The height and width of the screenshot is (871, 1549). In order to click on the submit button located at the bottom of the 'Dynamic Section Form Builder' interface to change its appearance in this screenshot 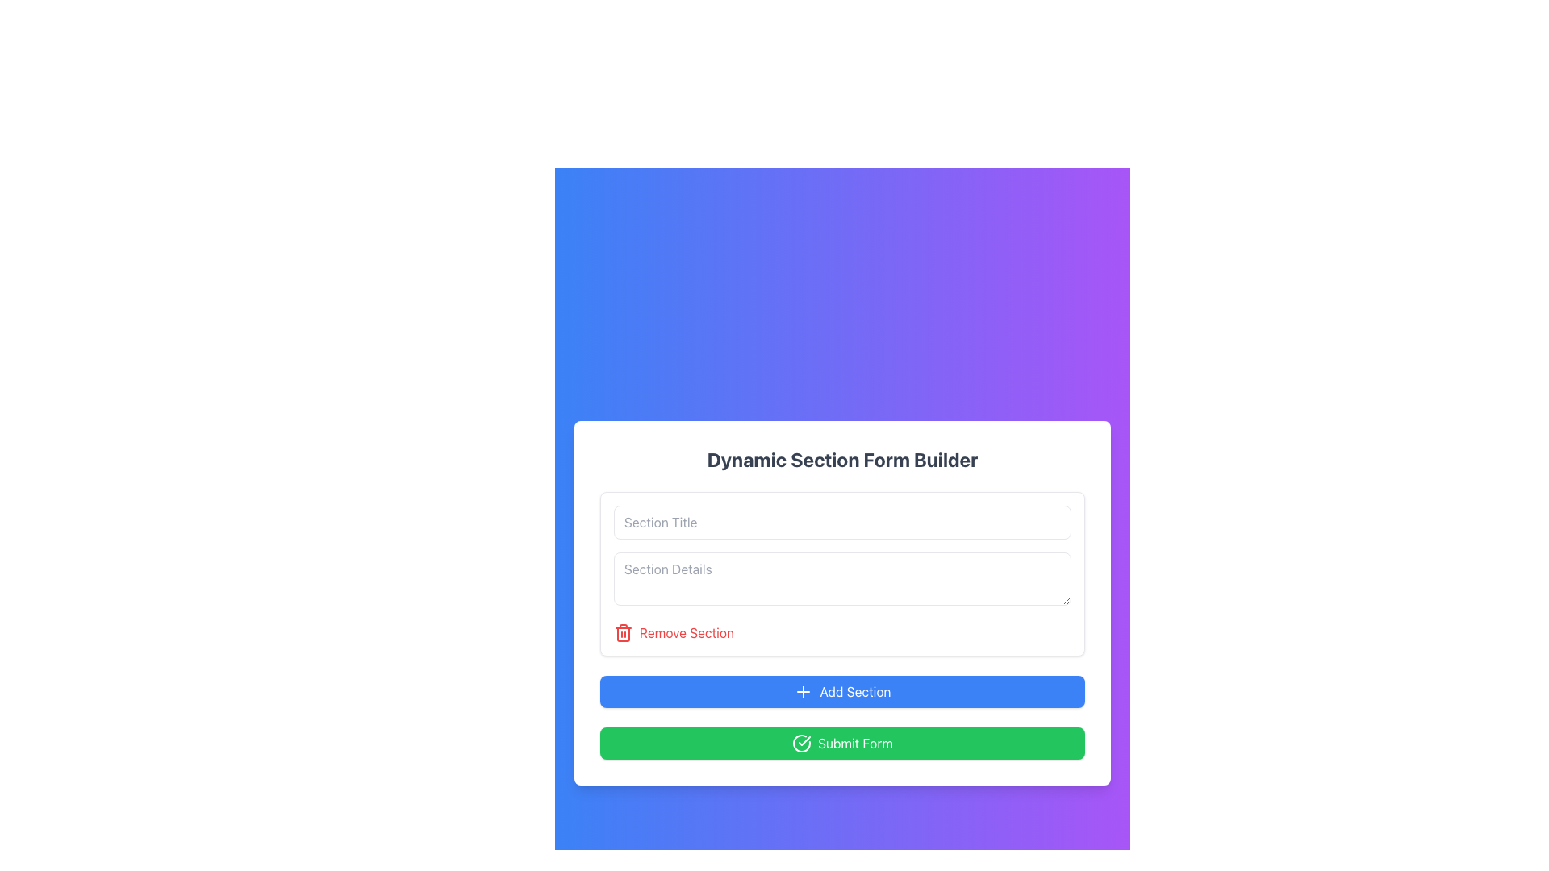, I will do `click(841, 743)`.